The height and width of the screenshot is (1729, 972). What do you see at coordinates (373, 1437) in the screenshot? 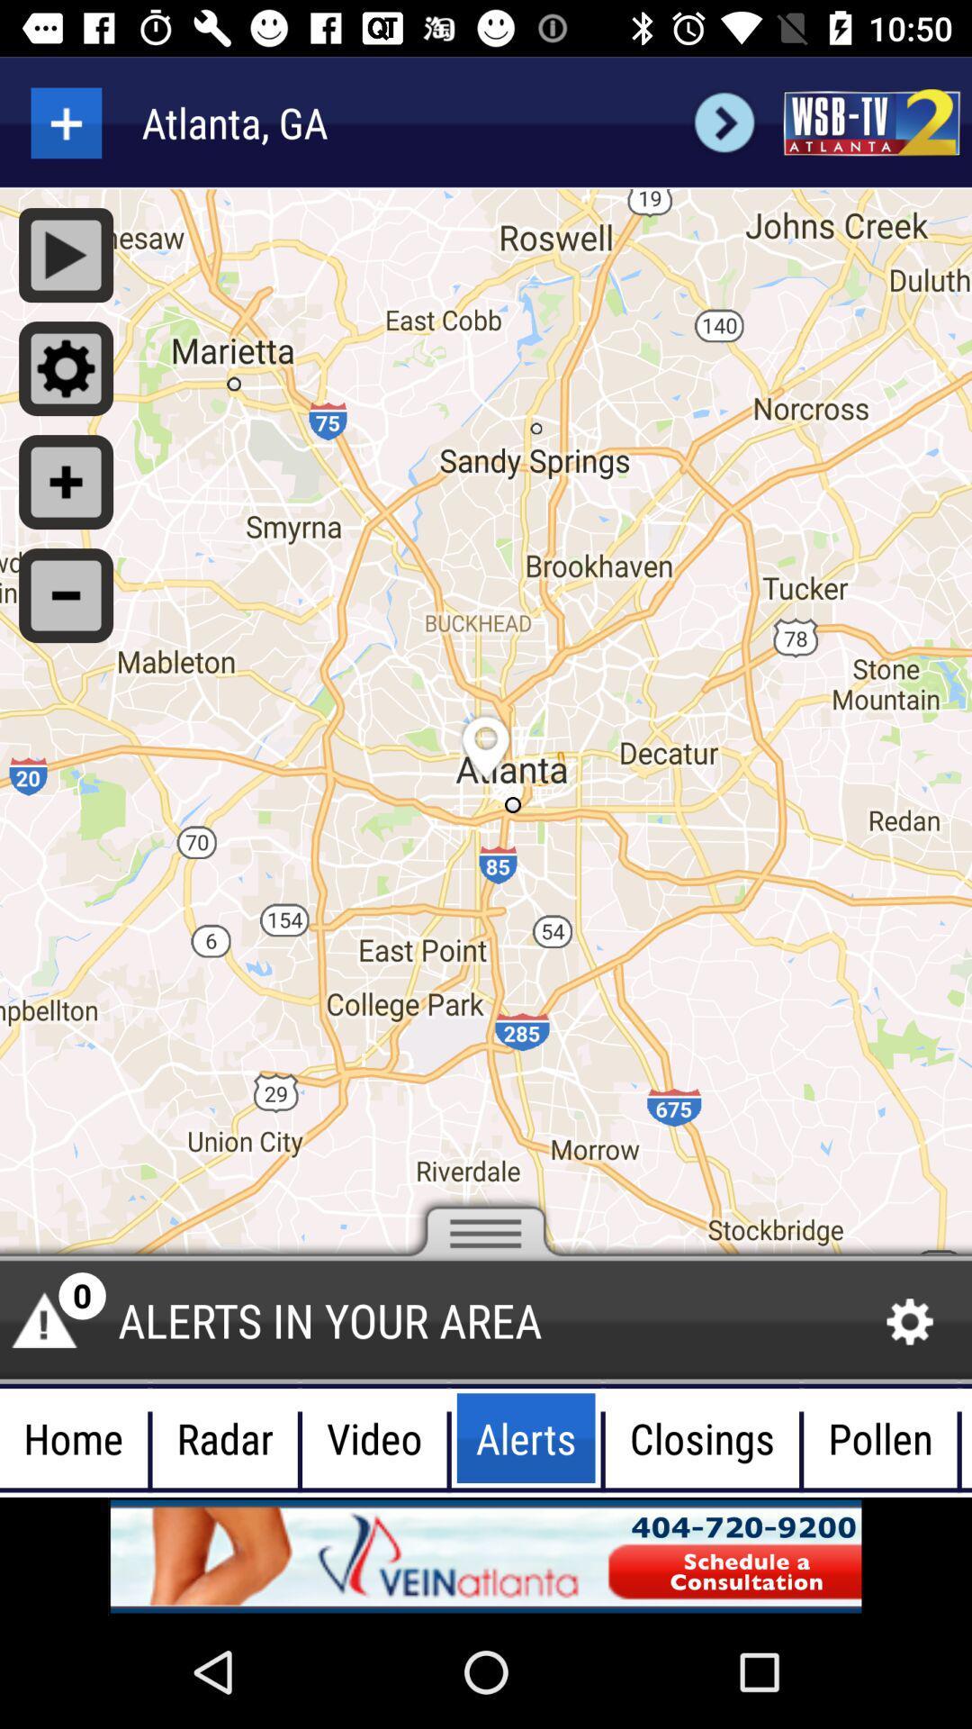
I see `the button which is left side of the alerts` at bounding box center [373, 1437].